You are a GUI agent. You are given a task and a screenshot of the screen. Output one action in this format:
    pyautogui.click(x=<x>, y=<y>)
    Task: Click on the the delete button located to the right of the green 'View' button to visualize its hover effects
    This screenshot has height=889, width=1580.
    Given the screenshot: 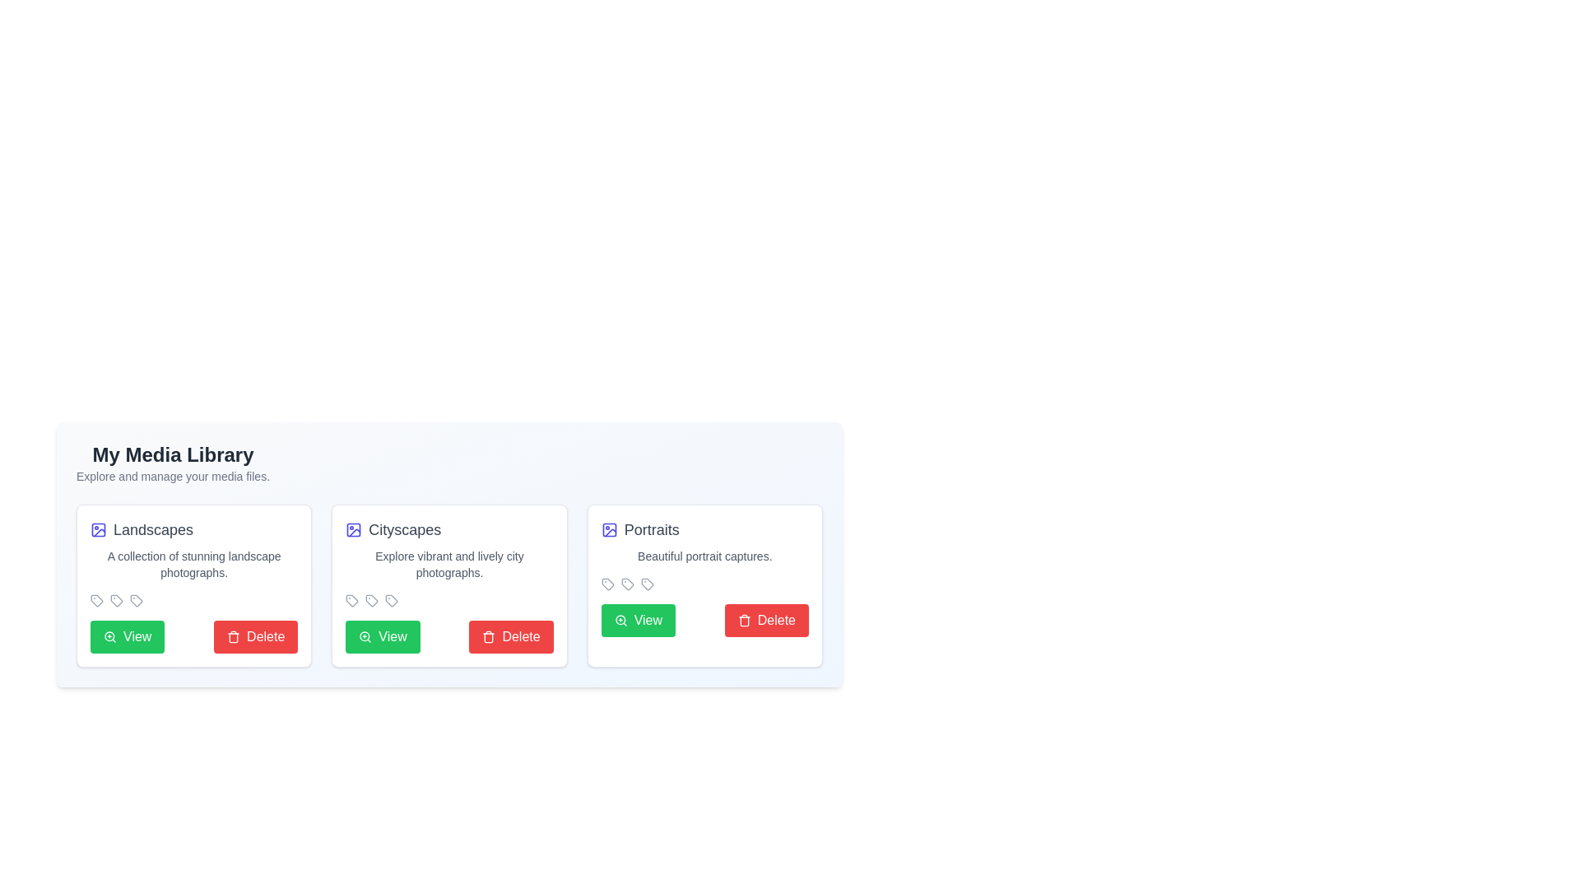 What is the action you would take?
    pyautogui.click(x=255, y=636)
    